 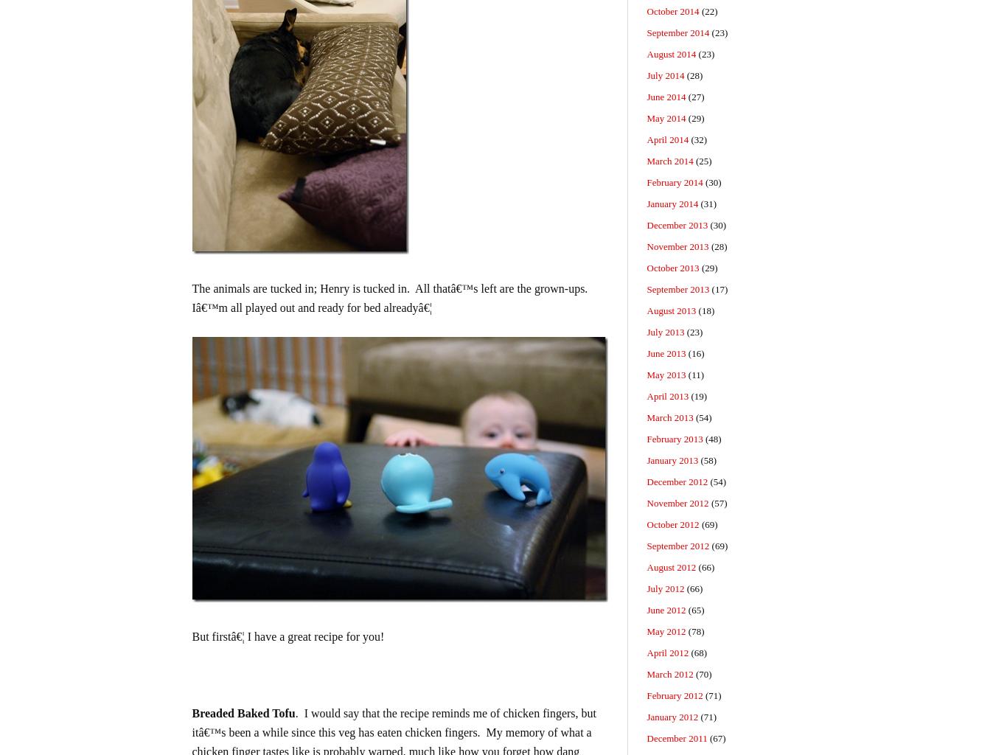 What do you see at coordinates (665, 352) in the screenshot?
I see `'June 2013'` at bounding box center [665, 352].